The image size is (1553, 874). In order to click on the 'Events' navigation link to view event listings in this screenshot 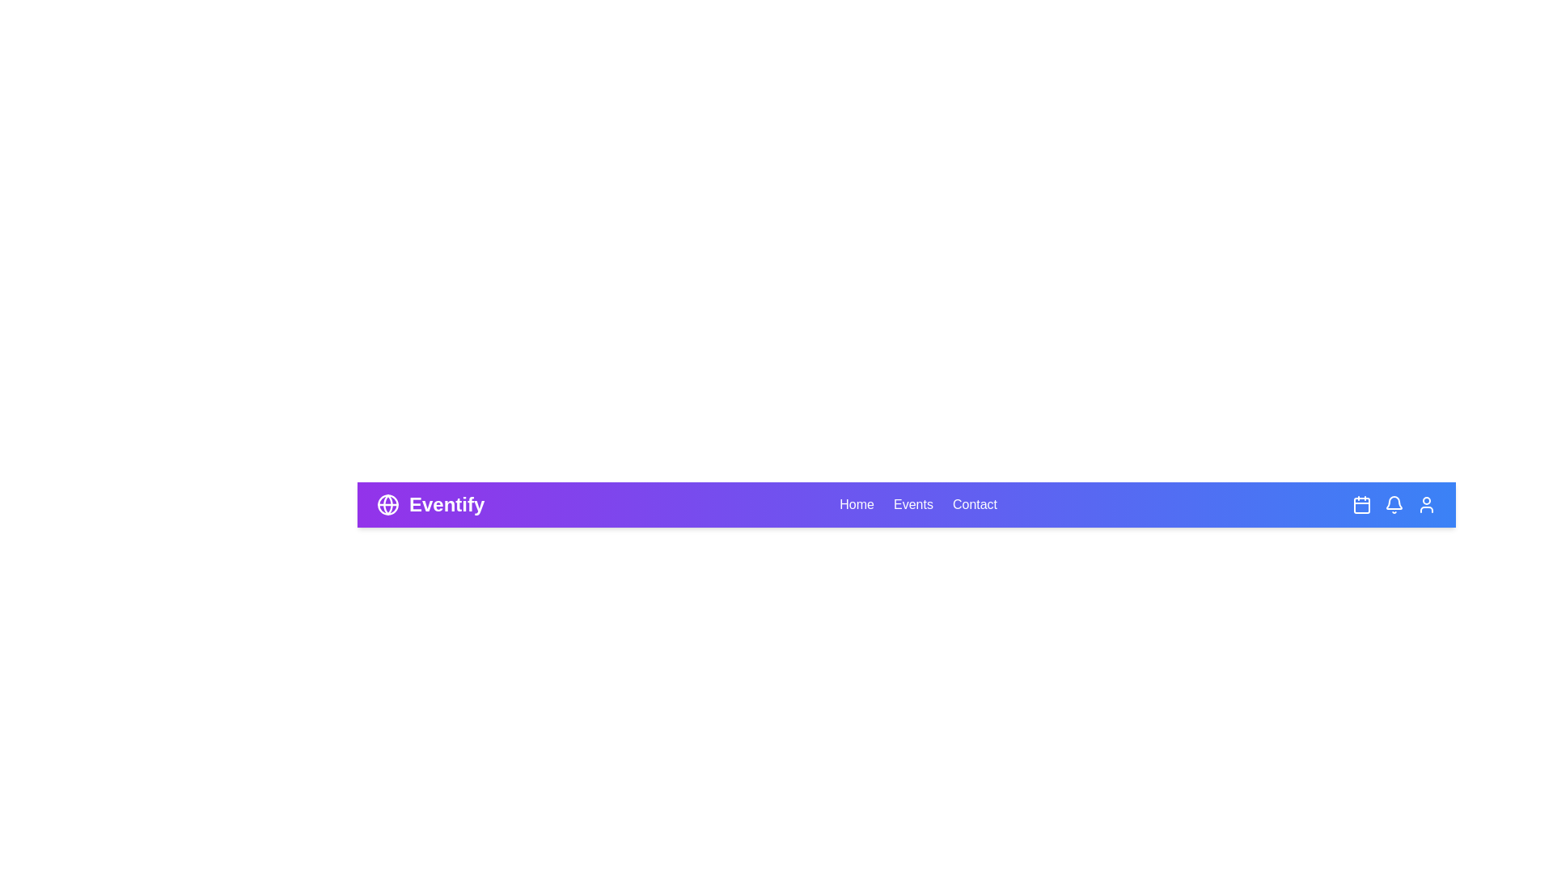, I will do `click(913, 504)`.